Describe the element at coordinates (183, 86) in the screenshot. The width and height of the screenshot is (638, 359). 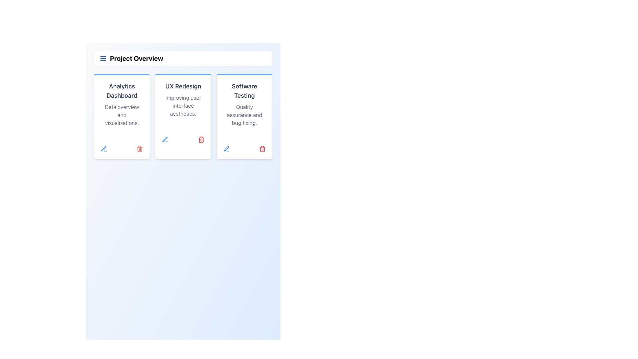
I see `the text header displaying 'UX Redesign', which is the top-most text in the middle card of a group of three horizontally aligned cards` at that location.